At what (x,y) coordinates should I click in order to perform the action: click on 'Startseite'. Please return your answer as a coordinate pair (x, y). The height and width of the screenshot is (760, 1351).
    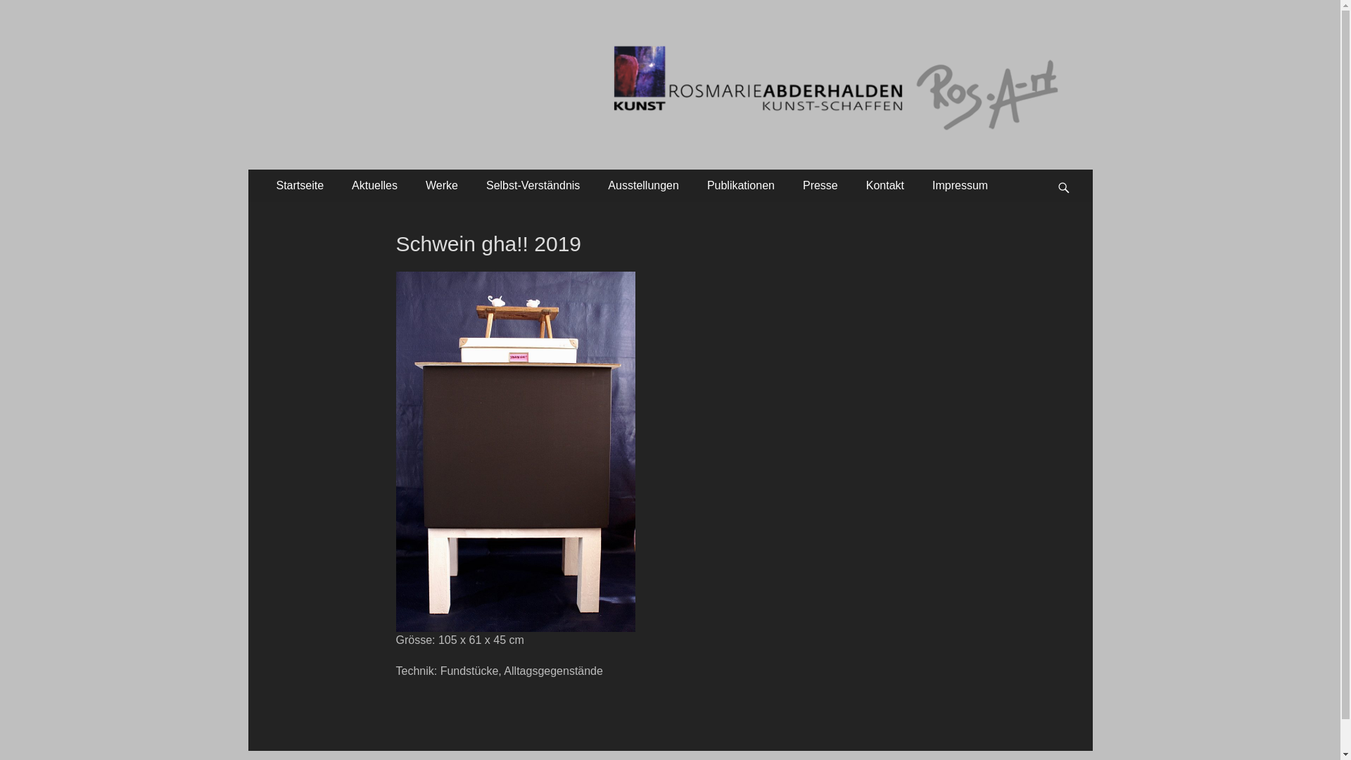
    Looking at the image, I should click on (262, 184).